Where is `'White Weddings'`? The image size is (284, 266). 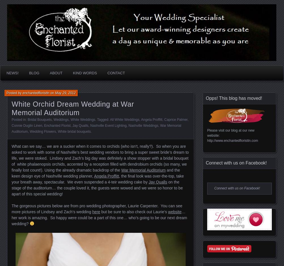 'White Weddings' is located at coordinates (70, 120).